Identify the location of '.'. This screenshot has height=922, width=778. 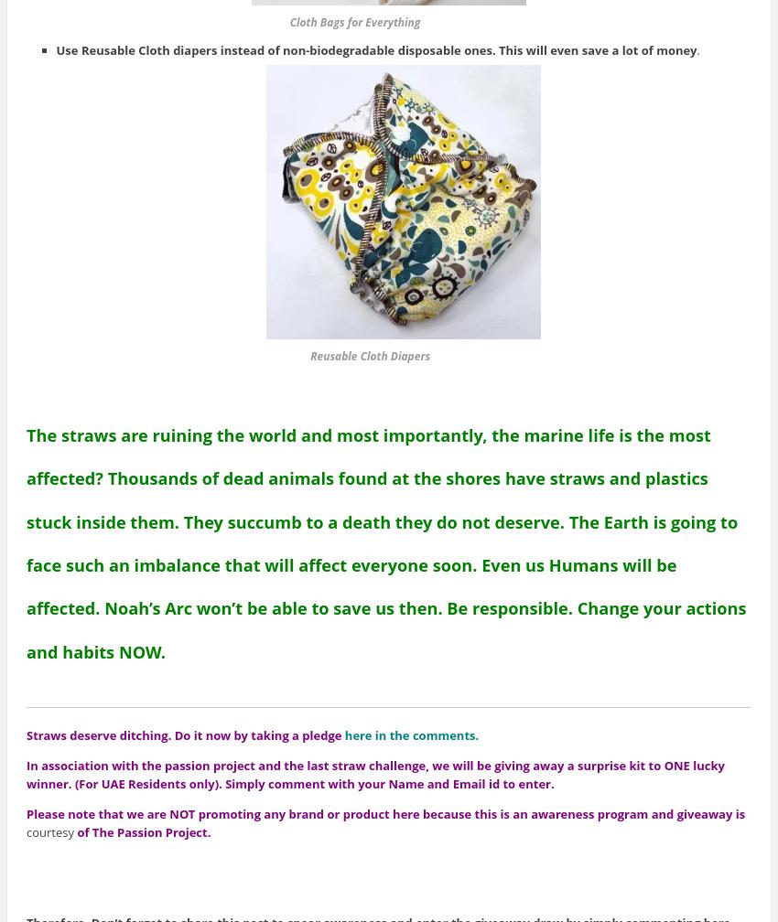
(697, 50).